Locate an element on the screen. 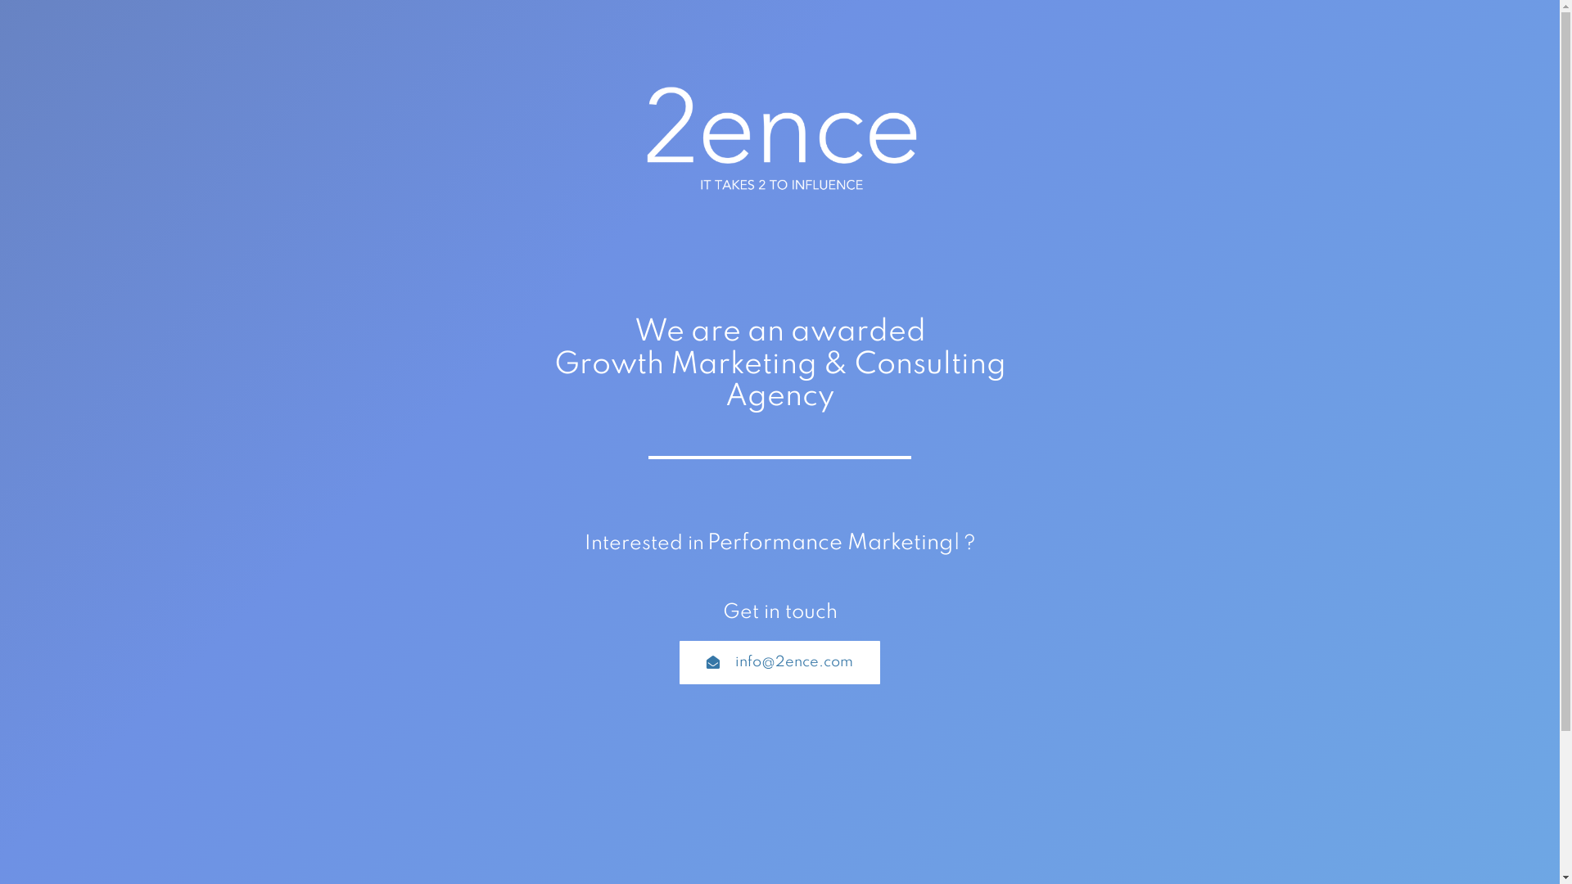 The width and height of the screenshot is (1572, 884). 'info@2ence.com' is located at coordinates (680, 661).